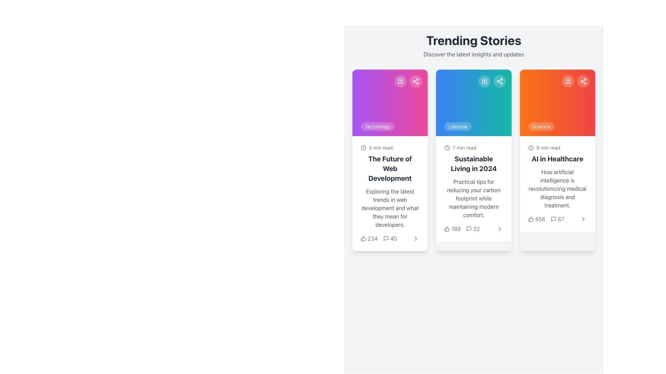 The image size is (666, 374). Describe the element at coordinates (473, 148) in the screenshot. I see `the informational label featuring a clock icon and the text '7 min read', which is centrally positioned above the title 'Sustainable Living in 2024'` at that location.